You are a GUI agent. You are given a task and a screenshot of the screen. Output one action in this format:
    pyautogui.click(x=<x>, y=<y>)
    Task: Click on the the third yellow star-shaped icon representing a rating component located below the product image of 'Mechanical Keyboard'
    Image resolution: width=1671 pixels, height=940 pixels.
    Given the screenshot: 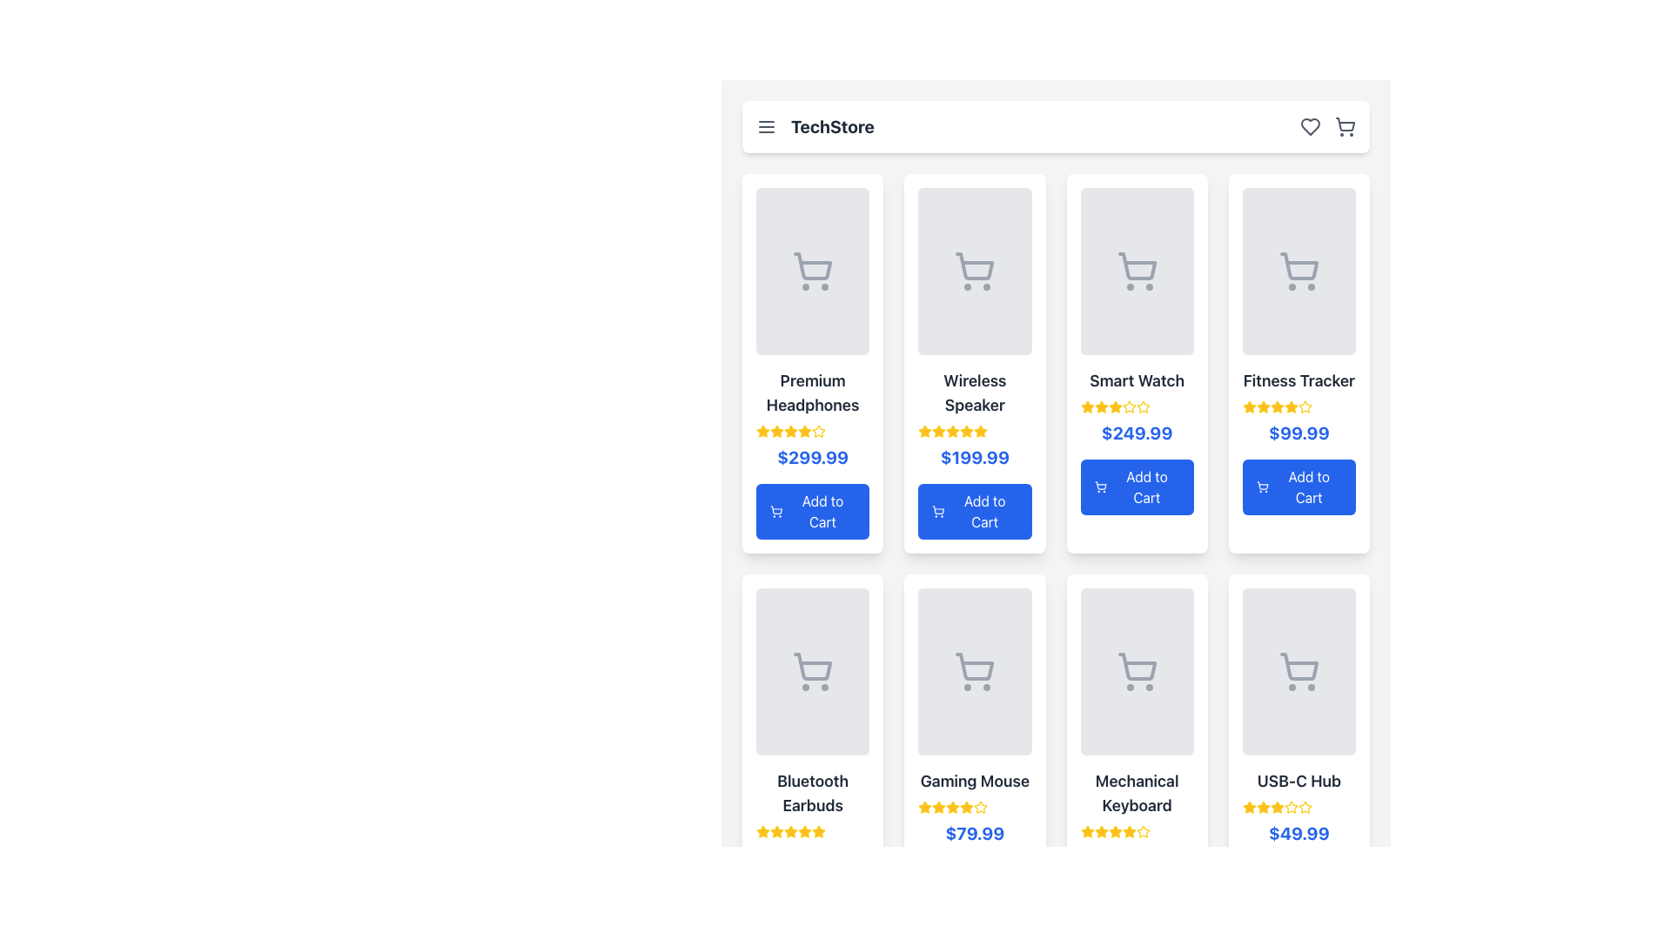 What is the action you would take?
    pyautogui.click(x=1086, y=830)
    